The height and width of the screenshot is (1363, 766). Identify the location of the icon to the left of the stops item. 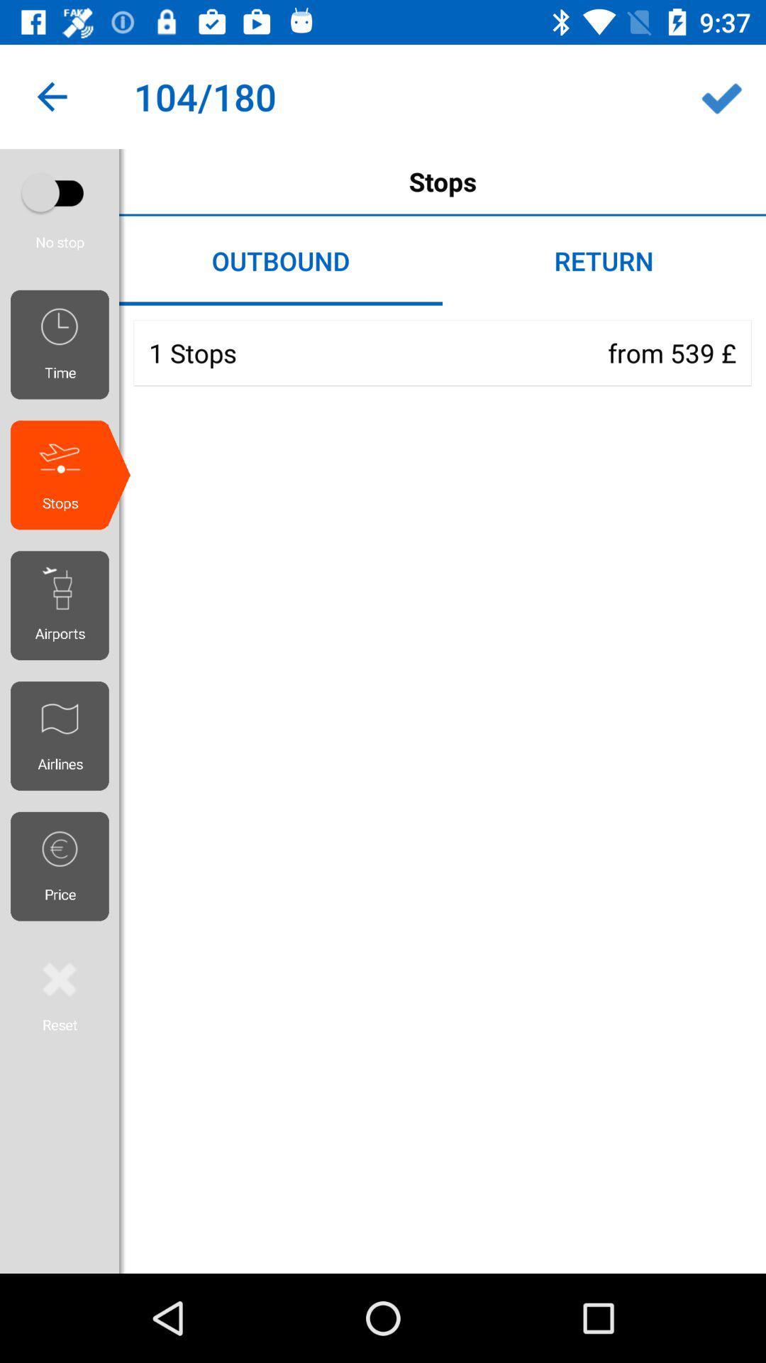
(51, 96).